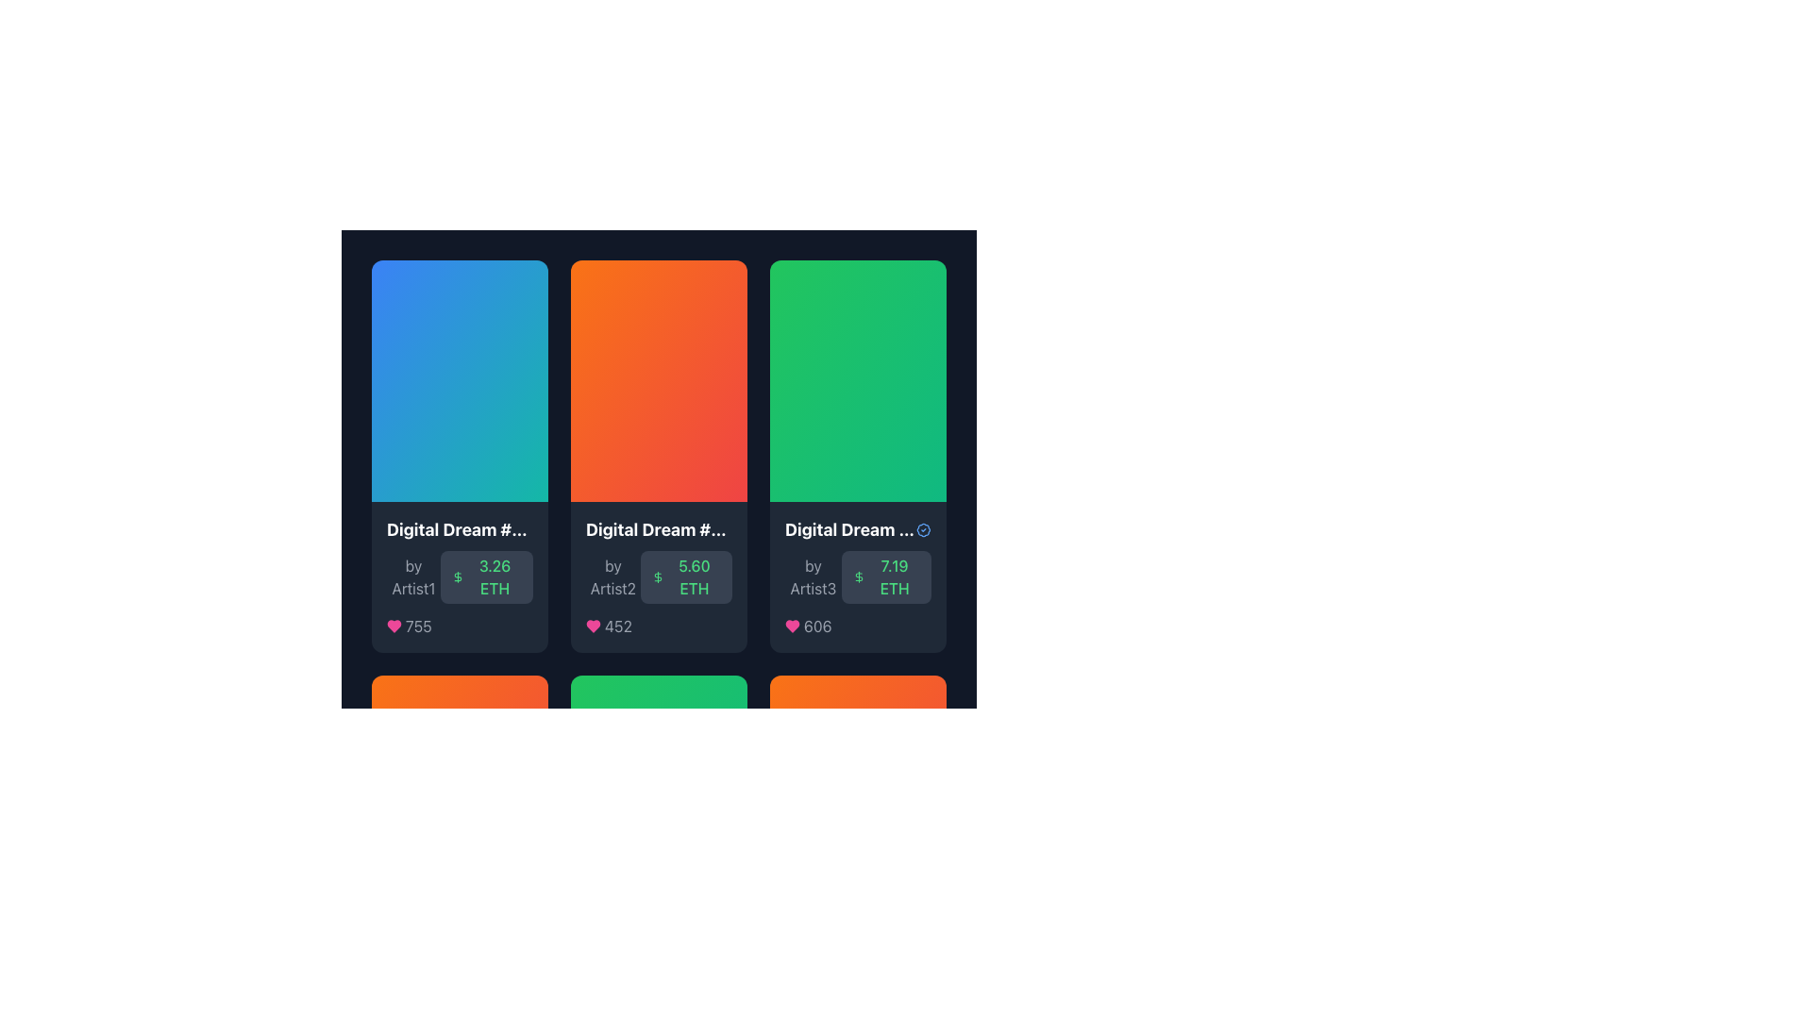 The height and width of the screenshot is (1019, 1812). I want to click on the informational display box that shows the price or value of the digital item in ETH, located at the bottom right corner of the card associated with 'Digital Dream ...' by 'Artist3', so click(885, 576).